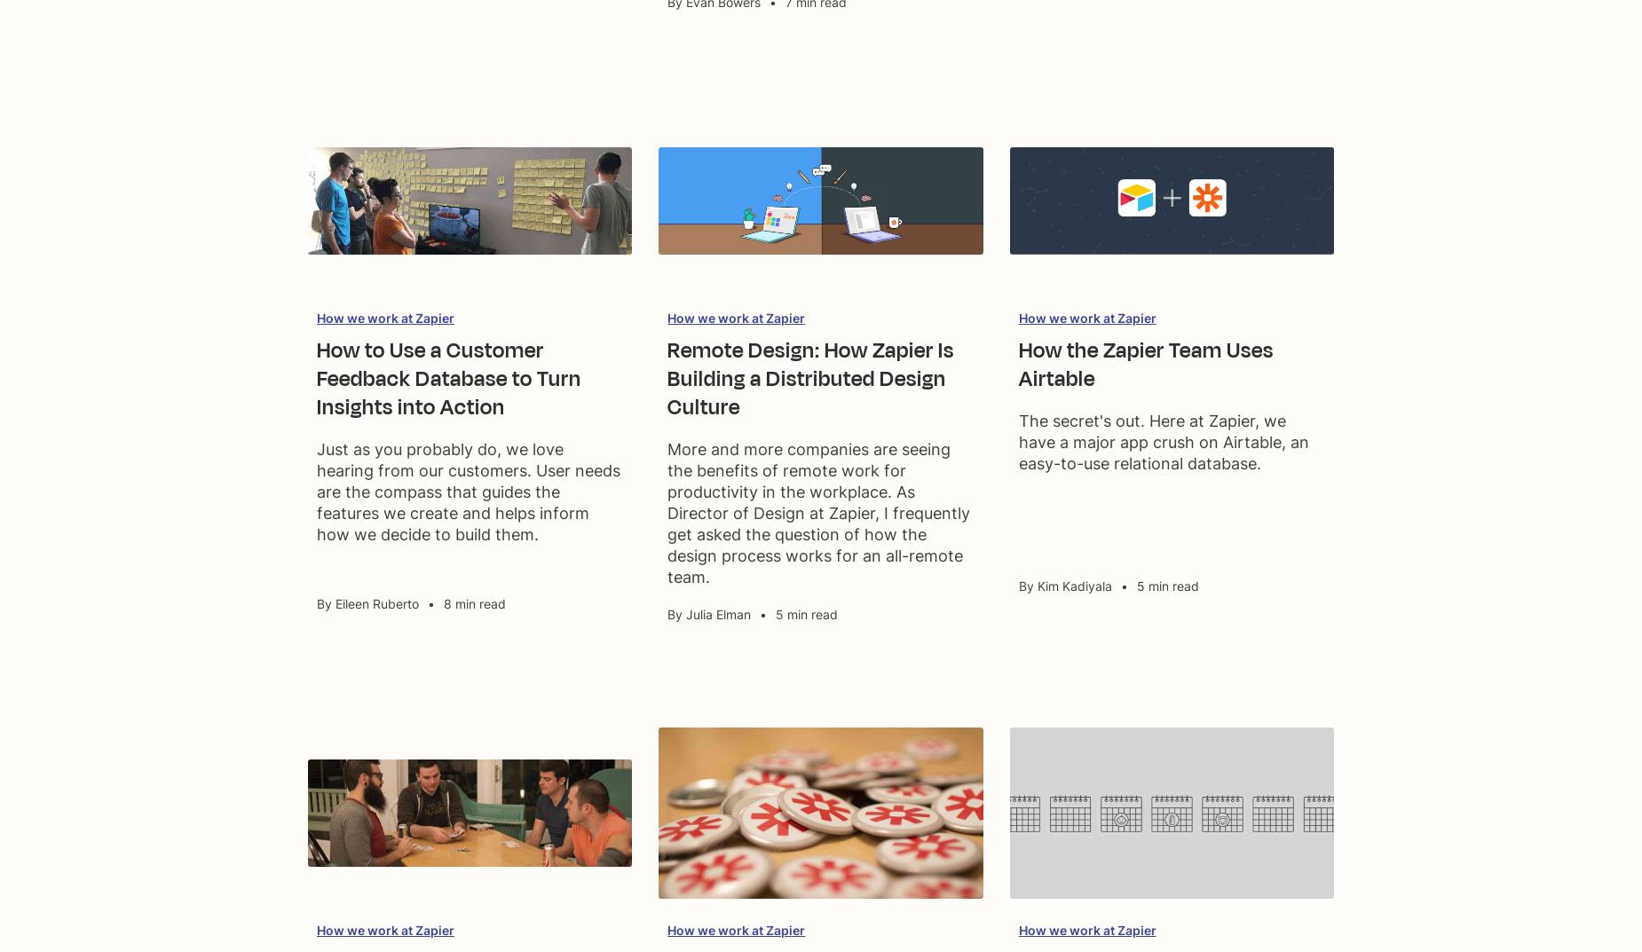  What do you see at coordinates (475, 603) in the screenshot?
I see `'8 min read'` at bounding box center [475, 603].